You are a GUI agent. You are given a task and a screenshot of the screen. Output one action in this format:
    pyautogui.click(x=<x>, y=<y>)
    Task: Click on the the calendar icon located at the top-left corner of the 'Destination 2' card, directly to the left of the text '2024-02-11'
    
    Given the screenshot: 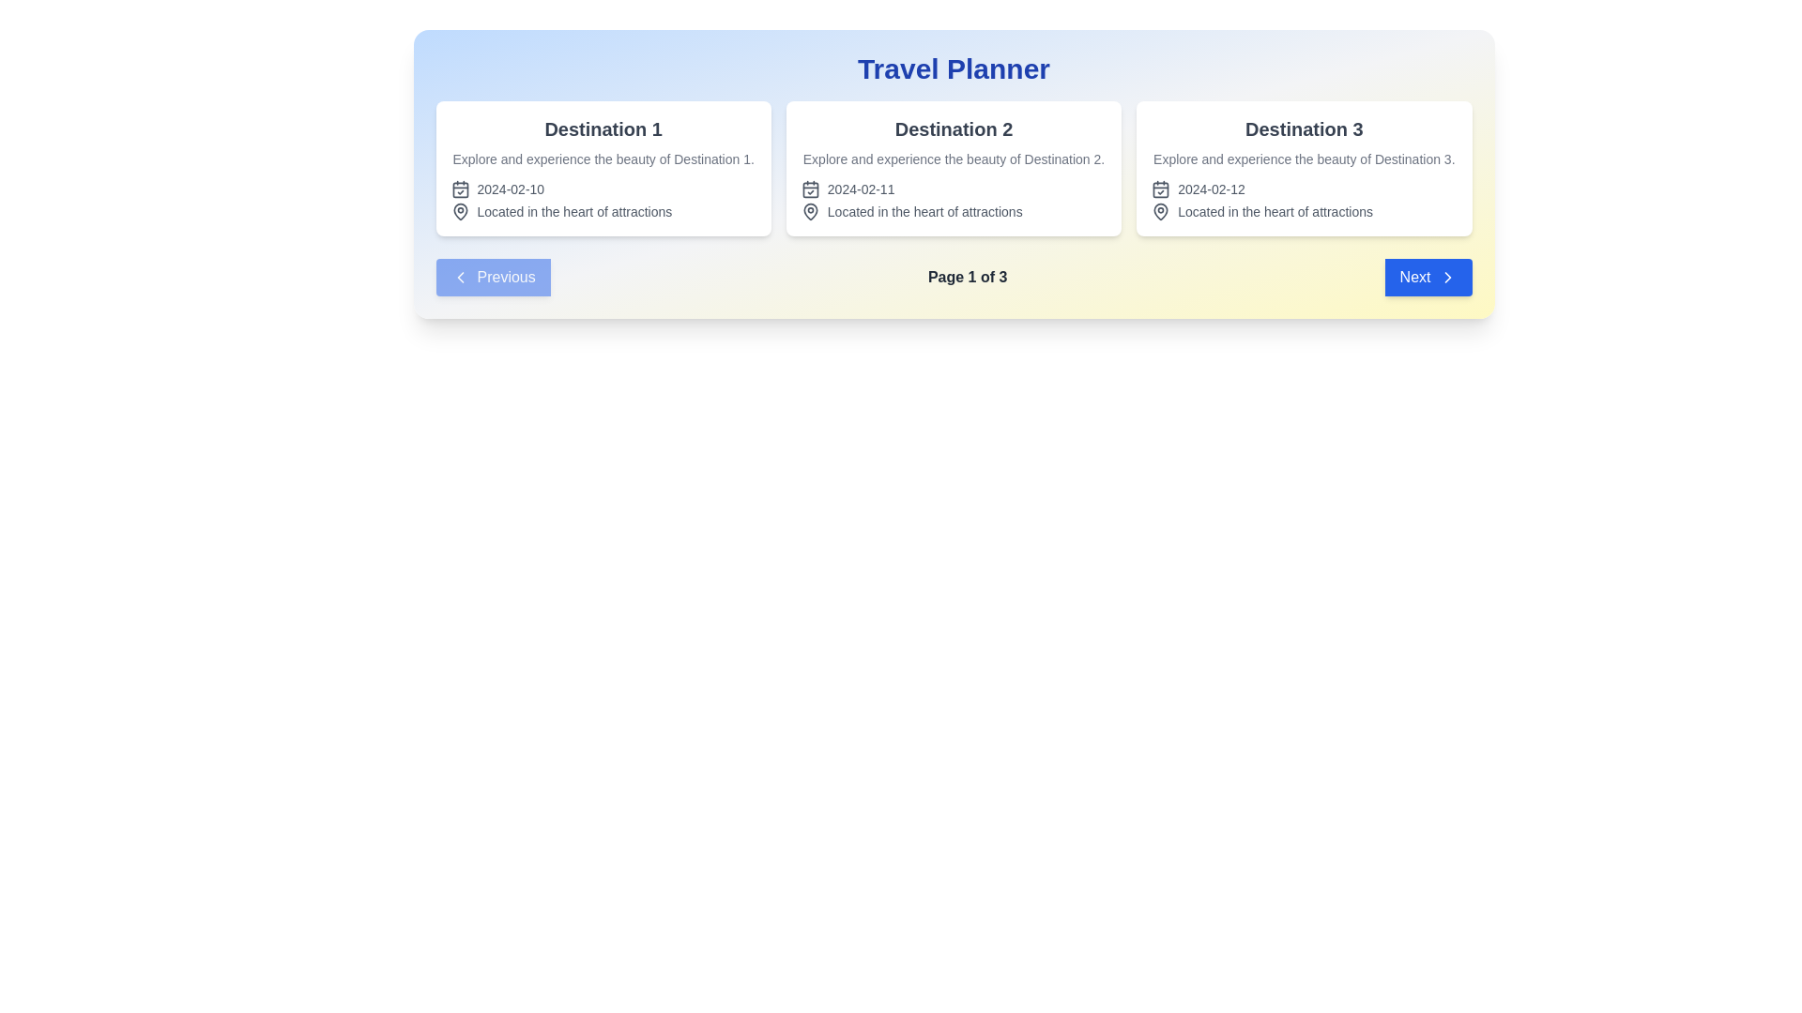 What is the action you would take?
    pyautogui.click(x=810, y=189)
    